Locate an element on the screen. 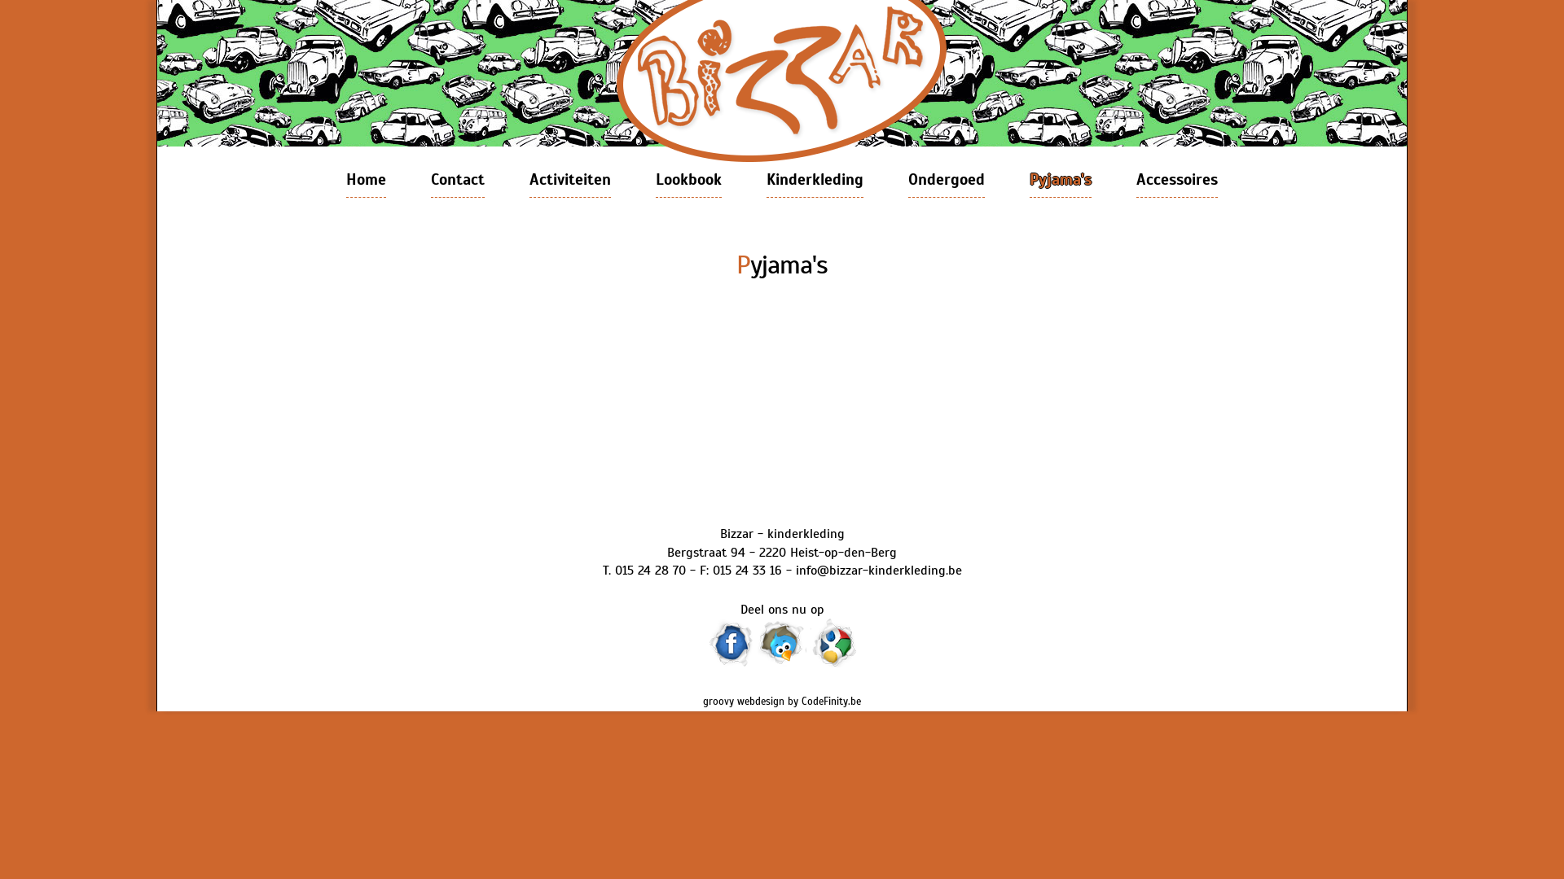 The height and width of the screenshot is (879, 1564). 'groovy webdesign by CodeFinity.be' is located at coordinates (782, 700).